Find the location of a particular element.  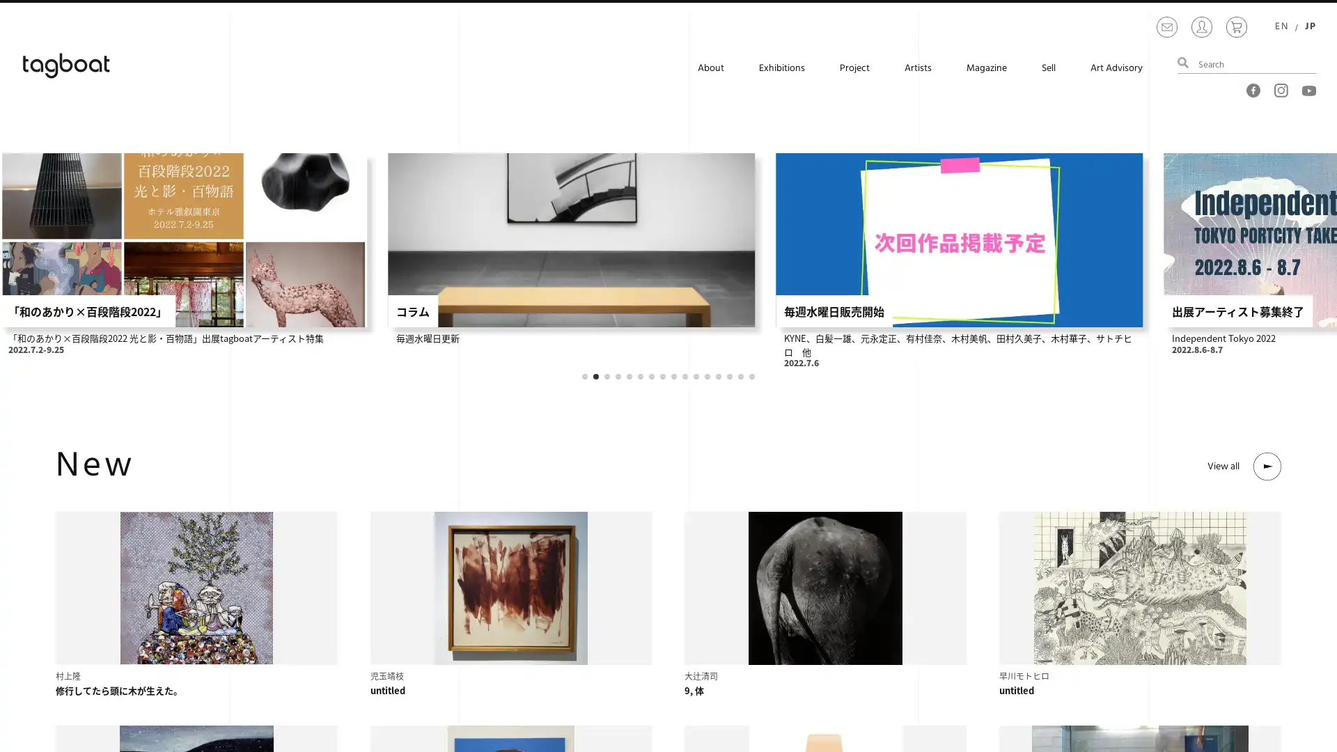

Go to slide 6 is located at coordinates (640, 376).